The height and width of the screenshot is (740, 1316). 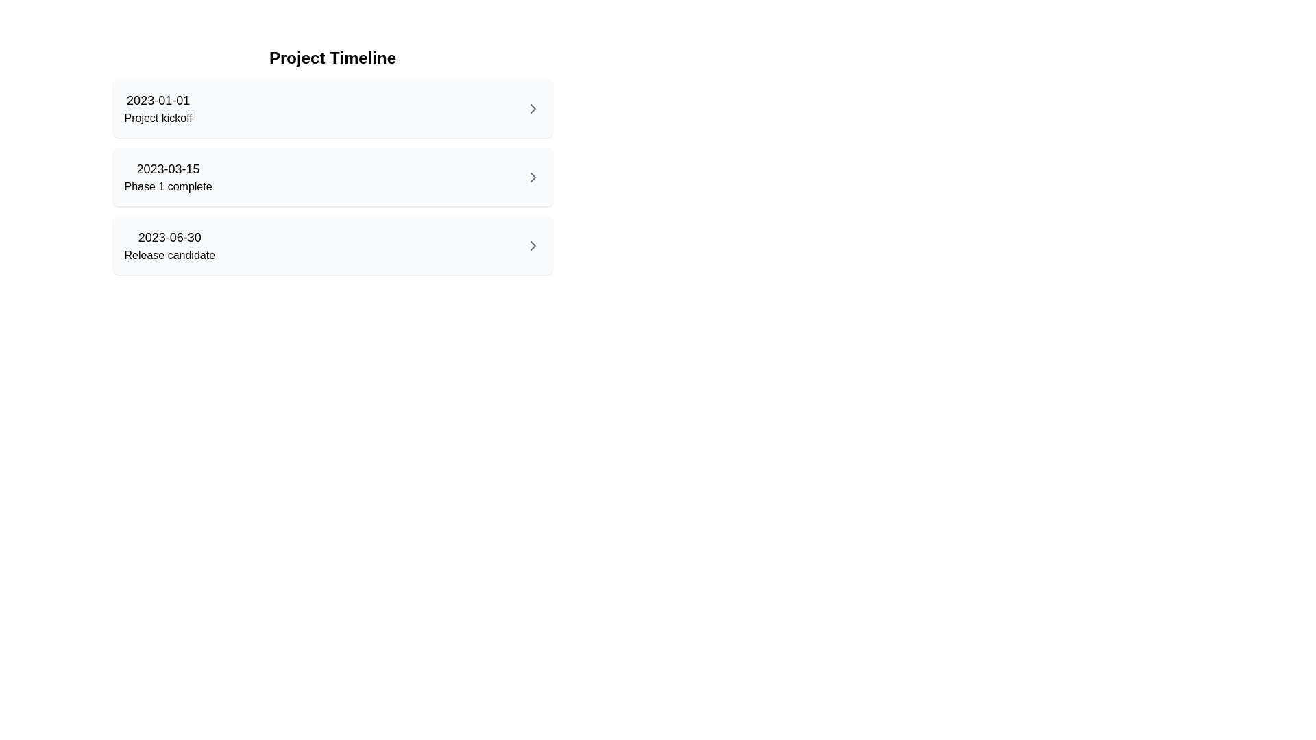 I want to click on the second entry in the project timeline, which displays a date and its associated milestone, located between '2023-01-01 Project kickoff' and '2023-06-30 Release candidate', so click(x=167, y=176).